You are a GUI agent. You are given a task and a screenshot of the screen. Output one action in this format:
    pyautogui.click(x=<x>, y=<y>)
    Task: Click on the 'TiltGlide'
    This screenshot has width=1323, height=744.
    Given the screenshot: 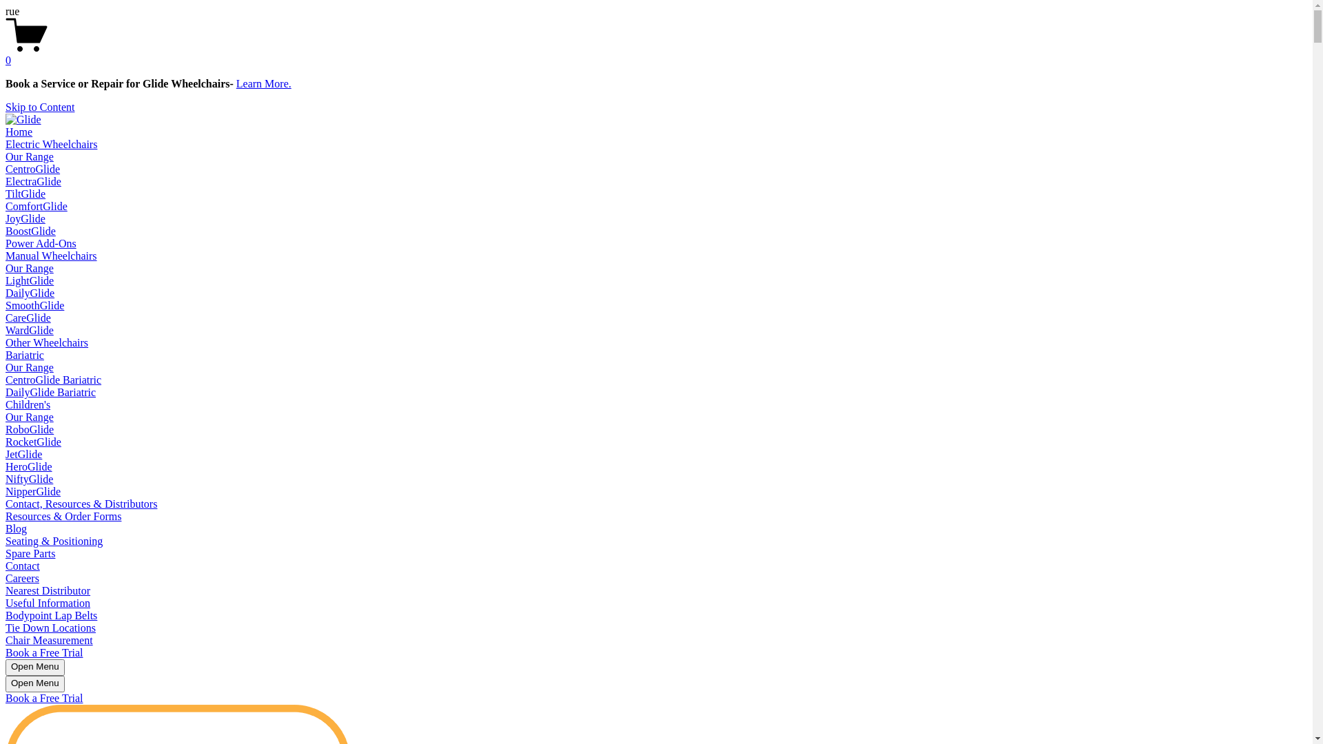 What is the action you would take?
    pyautogui.click(x=25, y=194)
    